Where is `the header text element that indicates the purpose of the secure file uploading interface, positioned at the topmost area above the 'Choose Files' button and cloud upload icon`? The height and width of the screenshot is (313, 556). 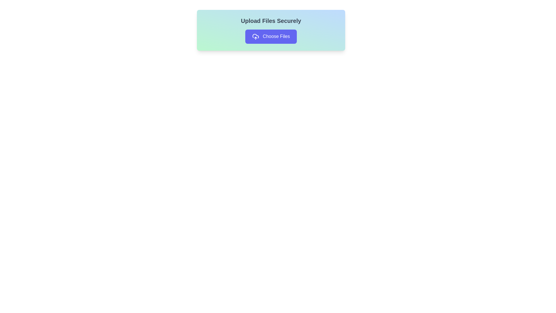 the header text element that indicates the purpose of the secure file uploading interface, positioned at the topmost area above the 'Choose Files' button and cloud upload icon is located at coordinates (271, 21).